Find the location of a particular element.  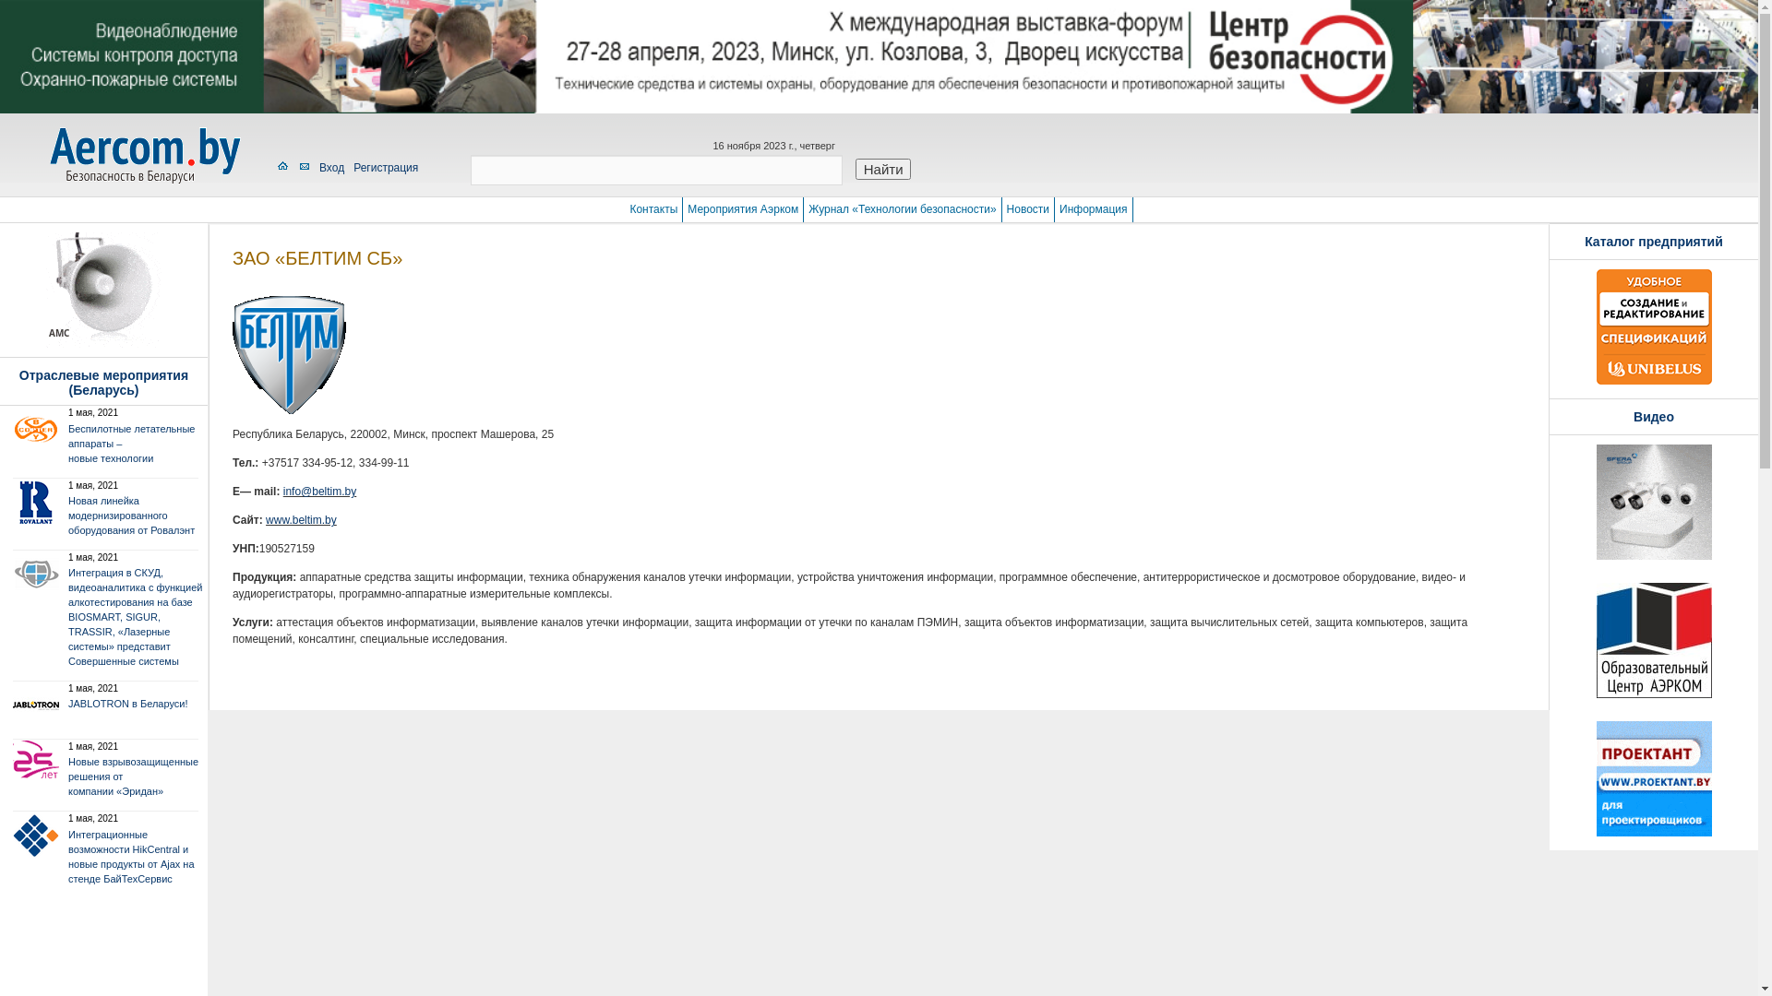

'info@beltim.by' is located at coordinates (319, 490).